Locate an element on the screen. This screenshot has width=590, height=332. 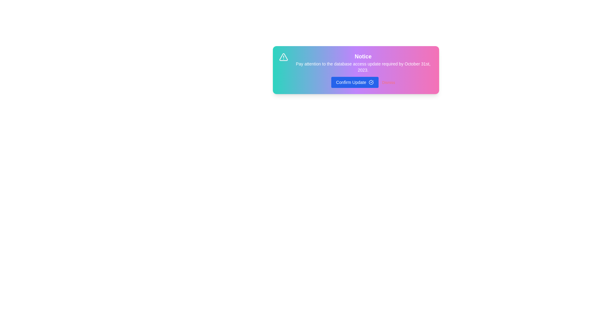
the word 'by' in the alert message is located at coordinates (320, 61).